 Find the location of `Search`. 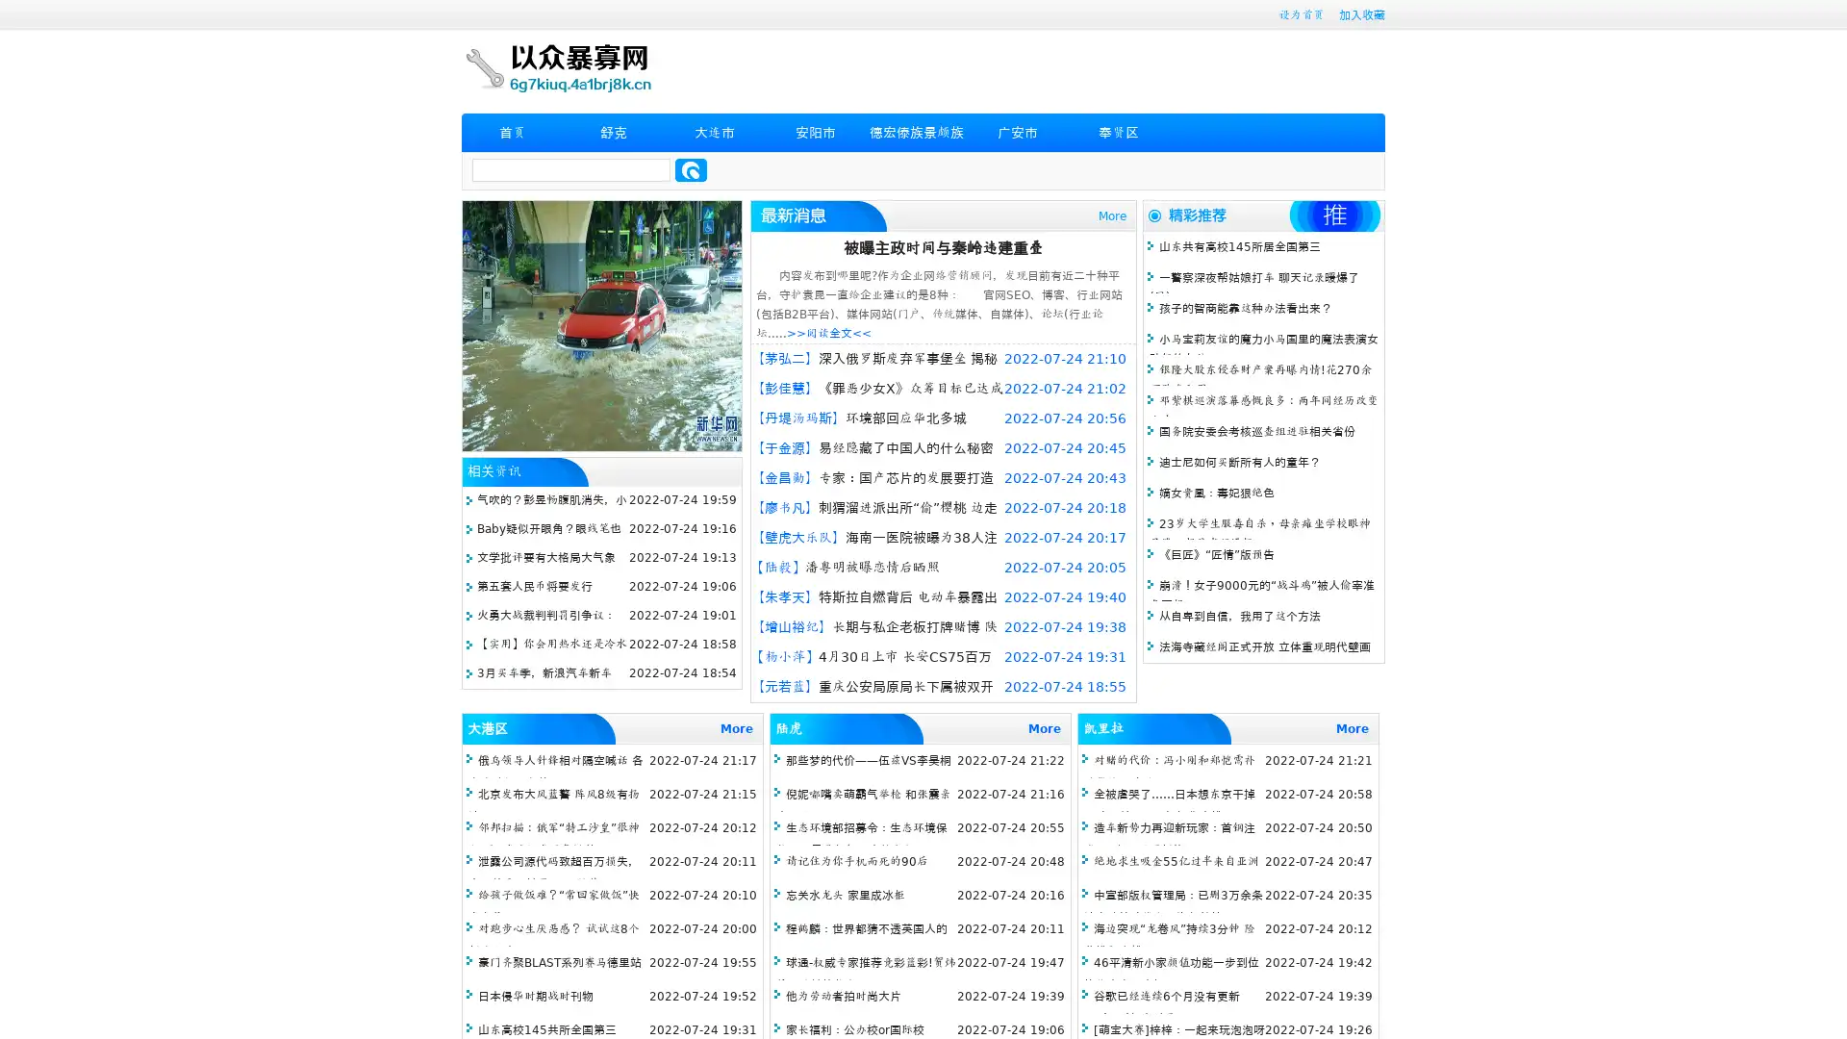

Search is located at coordinates (691, 169).